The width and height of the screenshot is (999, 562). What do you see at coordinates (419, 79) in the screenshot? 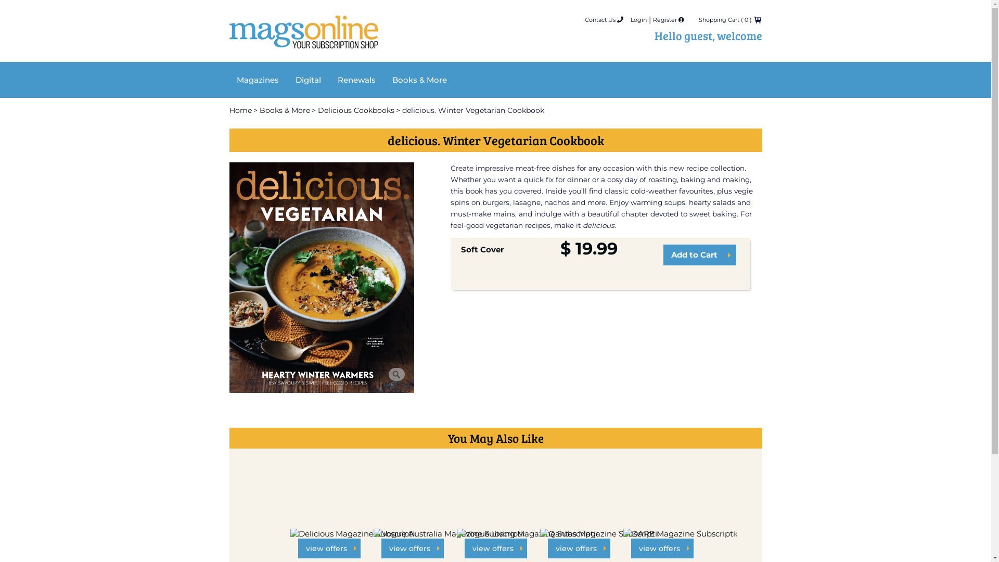
I see `'Books & More'` at bounding box center [419, 79].